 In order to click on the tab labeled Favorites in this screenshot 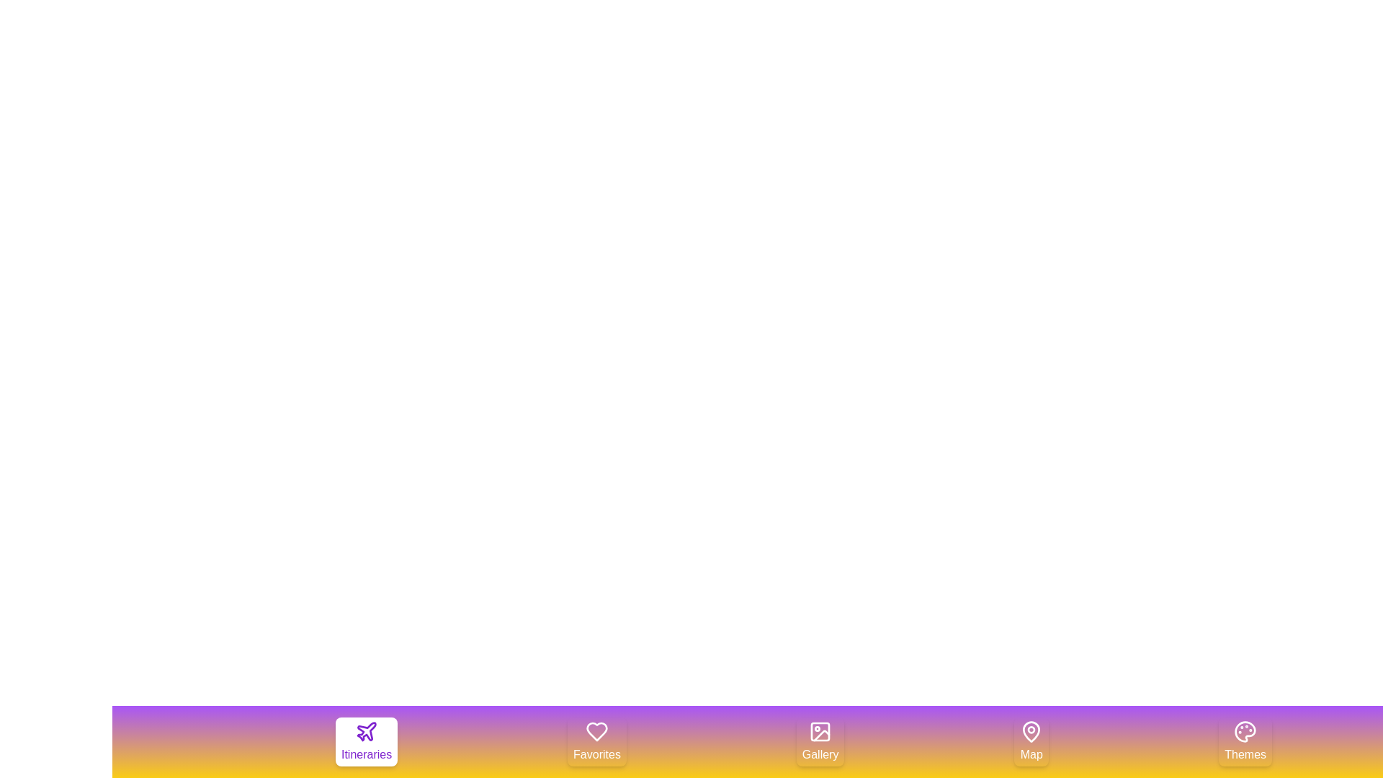, I will do `click(597, 741)`.